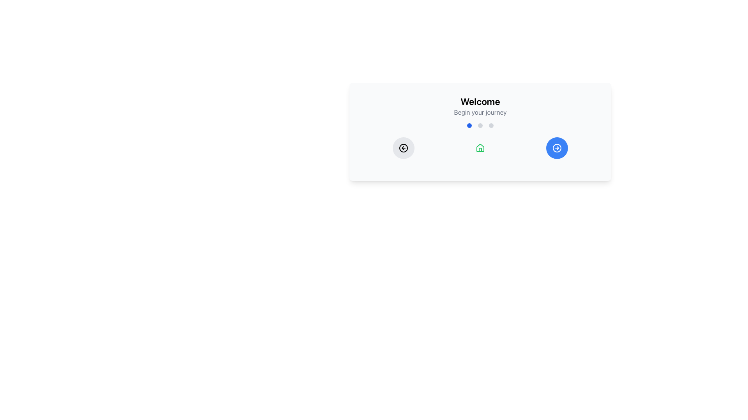 The image size is (748, 420). What do you see at coordinates (403, 148) in the screenshot?
I see `the circular decorative SVG graphic element located to the left of the home icon within the UI card` at bounding box center [403, 148].